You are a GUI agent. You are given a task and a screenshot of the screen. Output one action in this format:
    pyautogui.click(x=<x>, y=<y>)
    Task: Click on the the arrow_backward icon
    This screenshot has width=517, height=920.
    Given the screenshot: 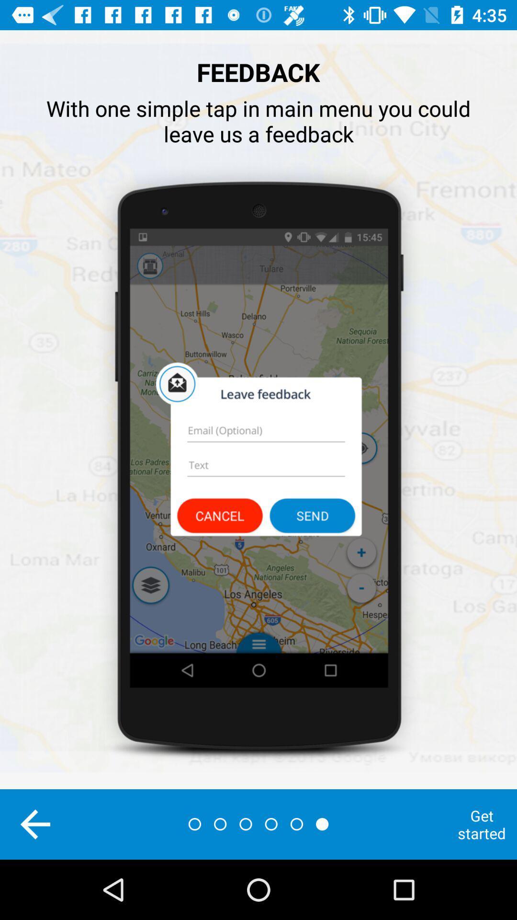 What is the action you would take?
    pyautogui.click(x=34, y=824)
    